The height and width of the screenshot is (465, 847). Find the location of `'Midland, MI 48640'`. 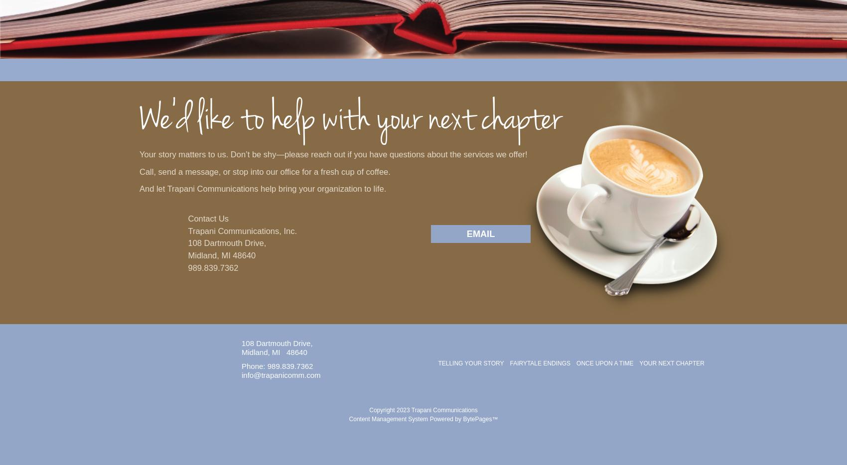

'Midland, MI 48640' is located at coordinates (222, 255).